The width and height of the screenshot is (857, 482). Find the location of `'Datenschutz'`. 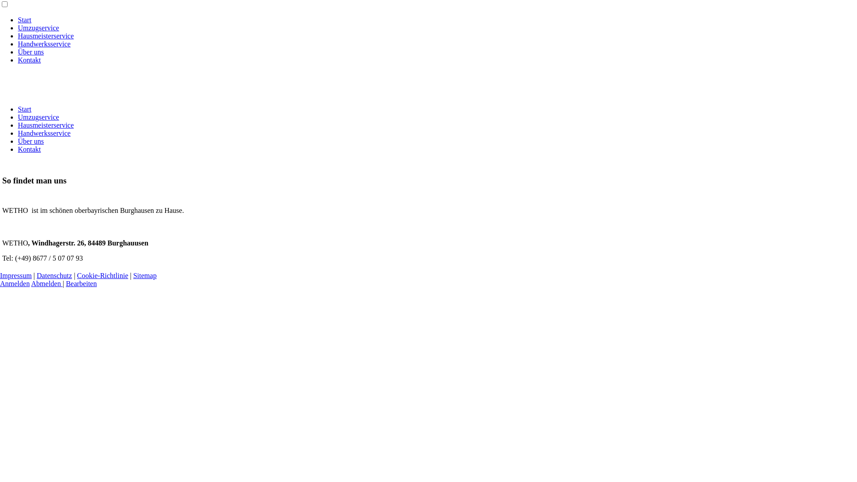

'Datenschutz' is located at coordinates (54, 275).